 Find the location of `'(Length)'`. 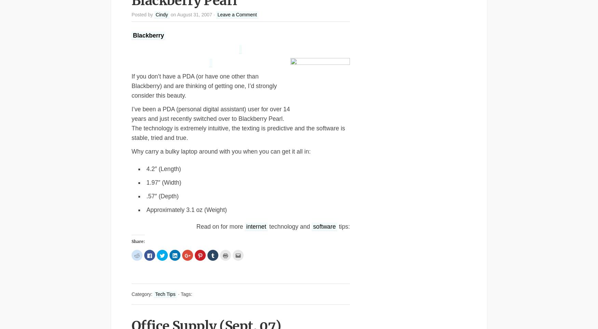

'(Length)' is located at coordinates (169, 169).